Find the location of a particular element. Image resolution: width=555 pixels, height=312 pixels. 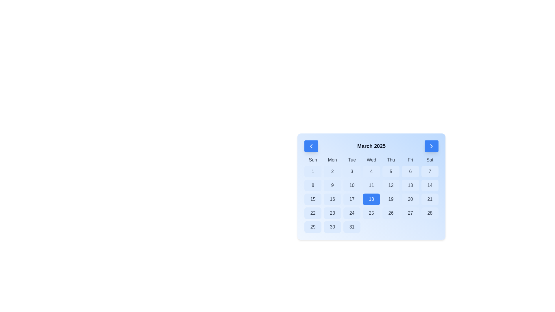

the interactive calendar day button for the 10th day of the month is located at coordinates (351, 185).